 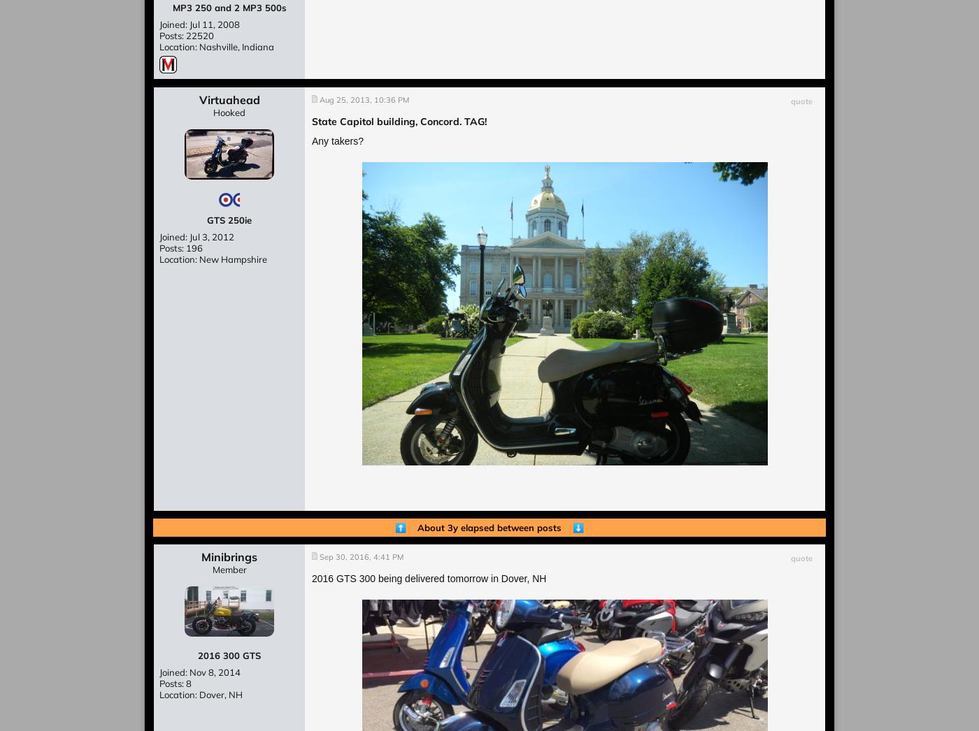 What do you see at coordinates (201, 694) in the screenshot?
I see `'Location: Dover, NH'` at bounding box center [201, 694].